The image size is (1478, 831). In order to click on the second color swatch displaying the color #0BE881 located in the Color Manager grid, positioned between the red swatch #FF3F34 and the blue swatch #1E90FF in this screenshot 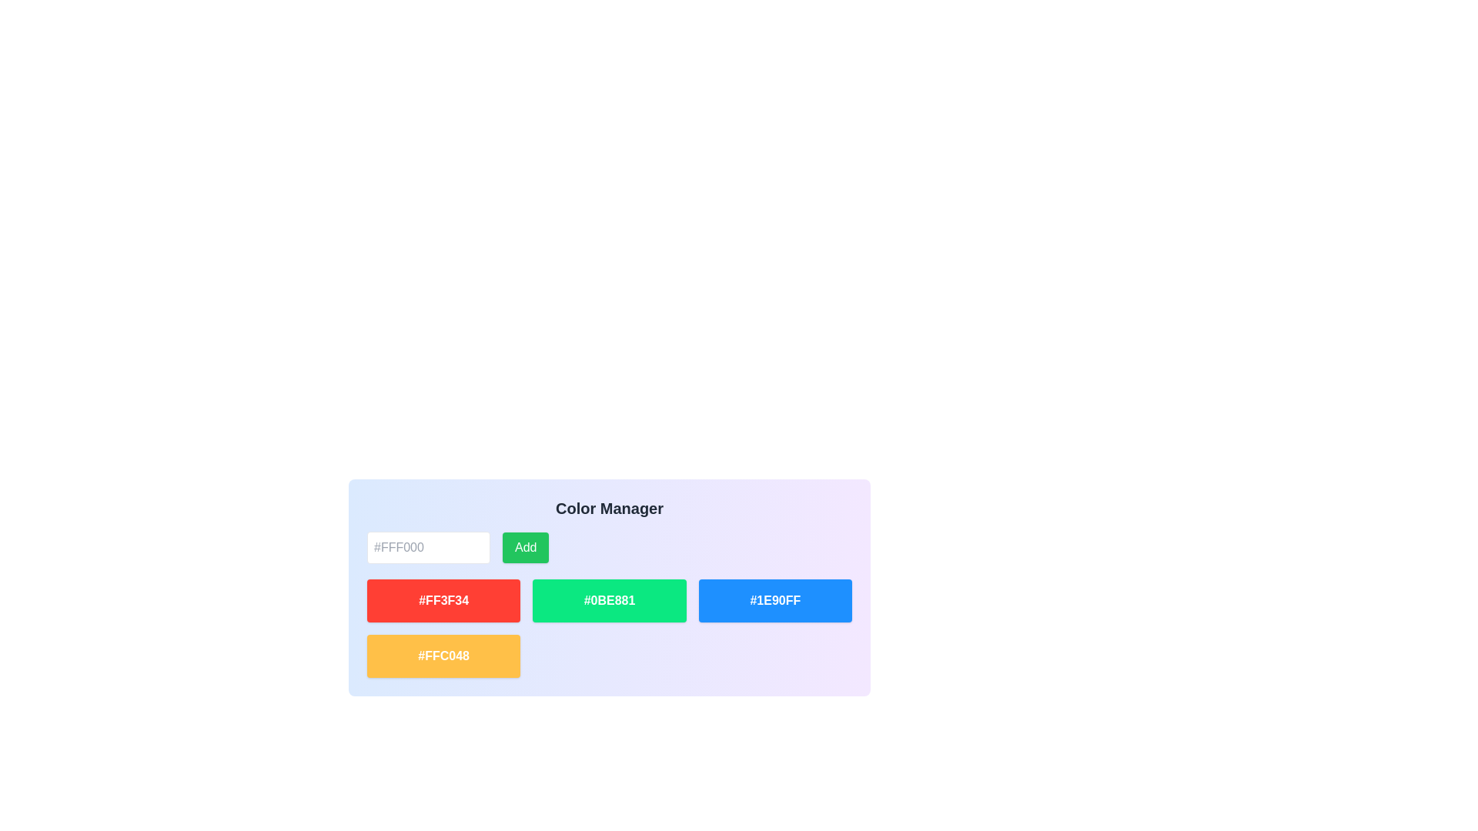, I will do `click(609, 589)`.